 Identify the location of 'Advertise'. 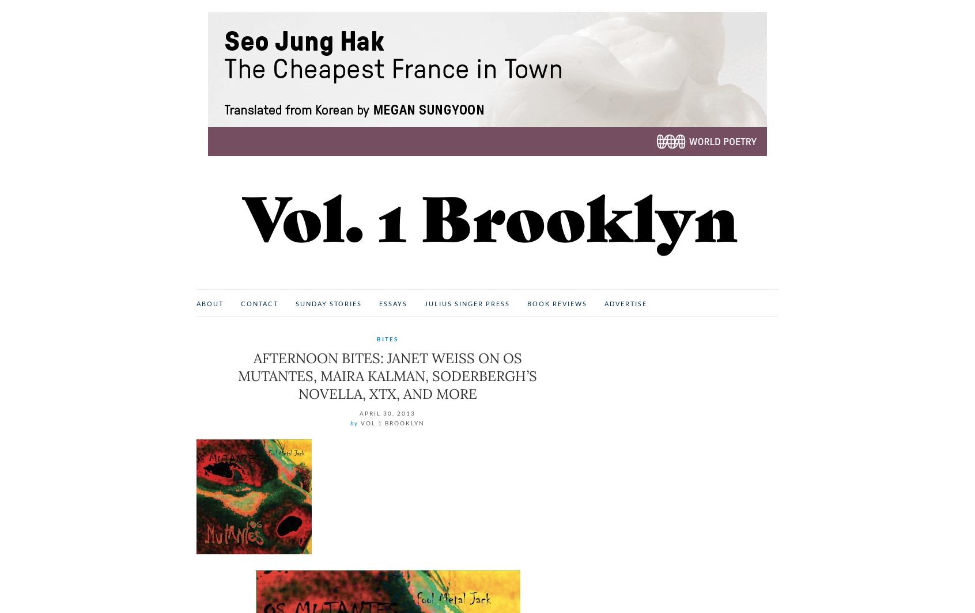
(625, 303).